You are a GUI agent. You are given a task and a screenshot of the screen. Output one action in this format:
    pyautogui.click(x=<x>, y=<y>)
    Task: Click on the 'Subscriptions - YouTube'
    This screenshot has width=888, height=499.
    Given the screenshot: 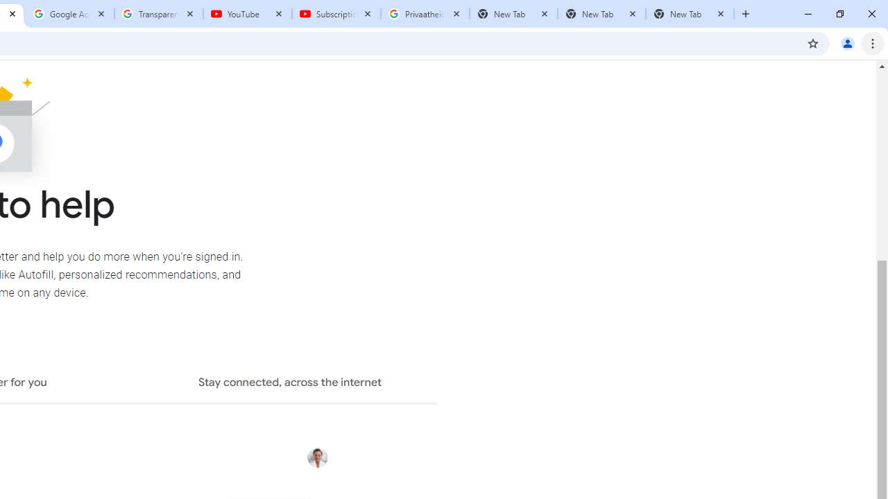 What is the action you would take?
    pyautogui.click(x=336, y=14)
    